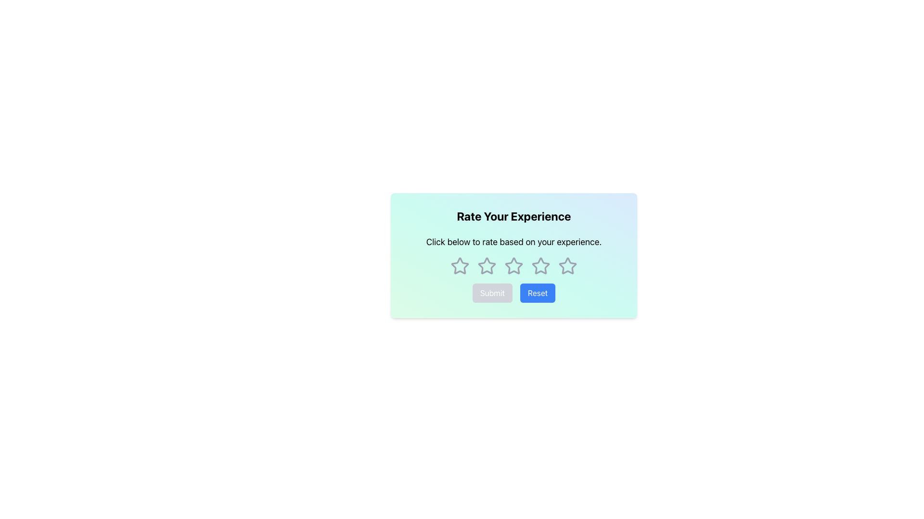 This screenshot has width=924, height=519. Describe the element at coordinates (513, 266) in the screenshot. I see `the third star icon from the left in the horizontal row of five stars` at that location.